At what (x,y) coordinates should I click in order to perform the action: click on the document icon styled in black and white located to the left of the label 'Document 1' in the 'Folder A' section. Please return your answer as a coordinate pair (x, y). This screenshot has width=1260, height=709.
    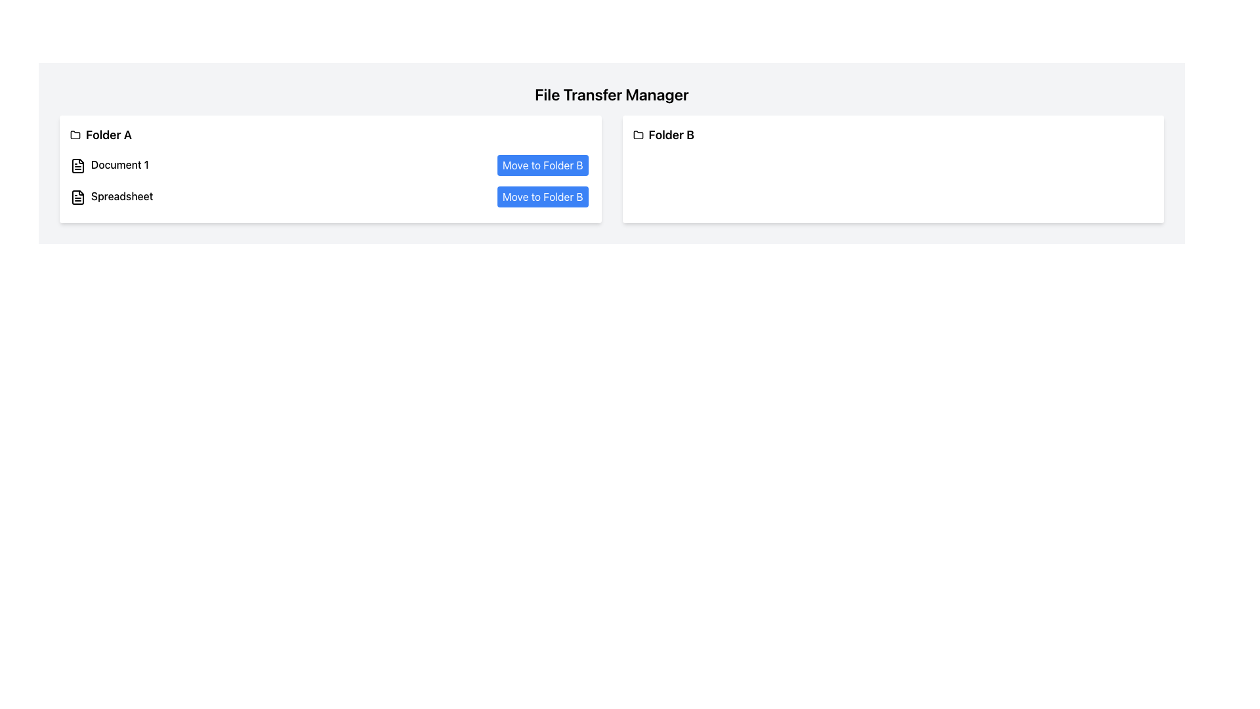
    Looking at the image, I should click on (77, 164).